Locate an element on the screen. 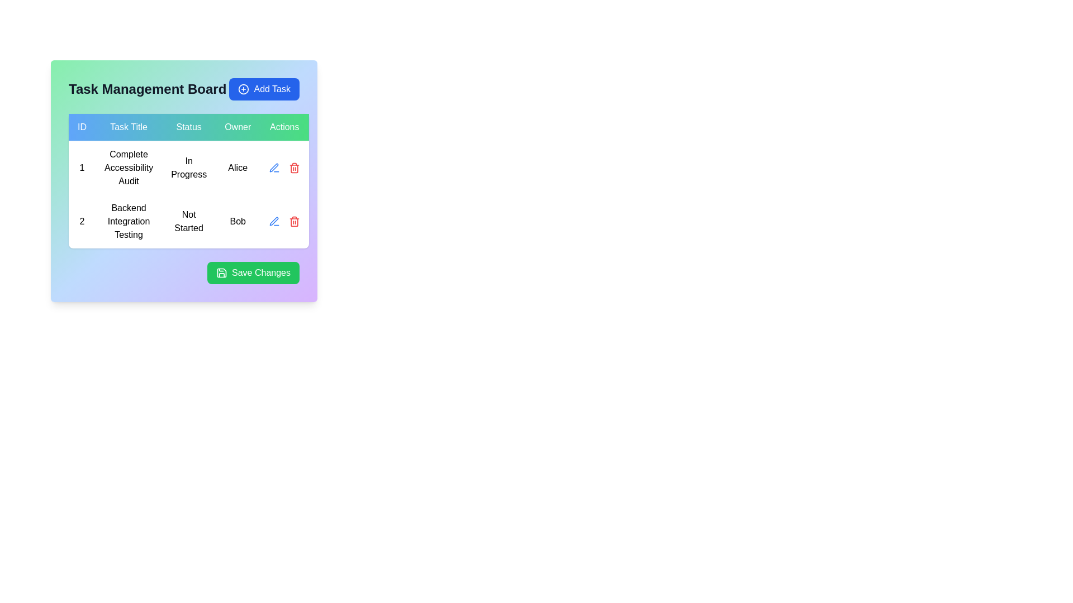 The height and width of the screenshot is (603, 1073). the text display showing 'Backend Integration Testing' in the second row and second column of the Task Management Board table is located at coordinates (129, 222).